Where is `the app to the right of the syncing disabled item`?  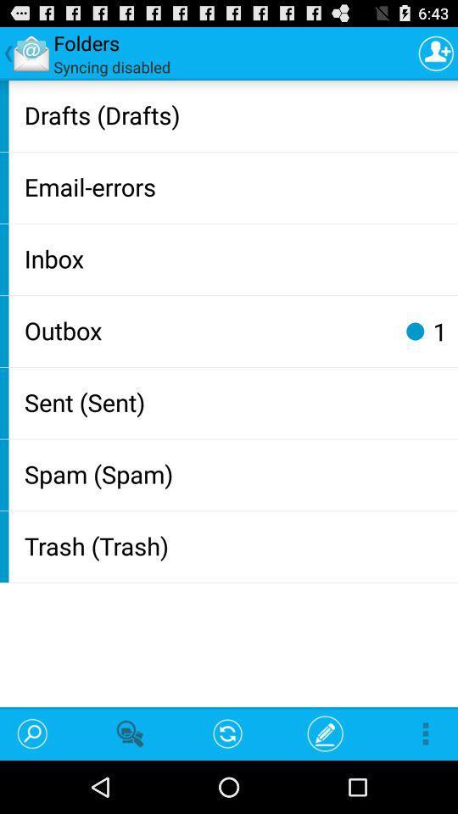
the app to the right of the syncing disabled item is located at coordinates (436, 53).